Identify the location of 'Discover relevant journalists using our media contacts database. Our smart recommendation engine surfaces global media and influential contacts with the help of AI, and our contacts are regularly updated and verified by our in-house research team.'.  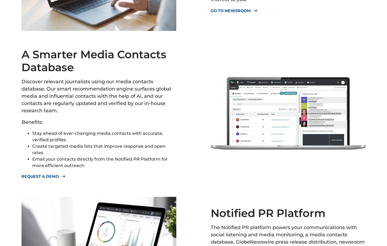
(96, 96).